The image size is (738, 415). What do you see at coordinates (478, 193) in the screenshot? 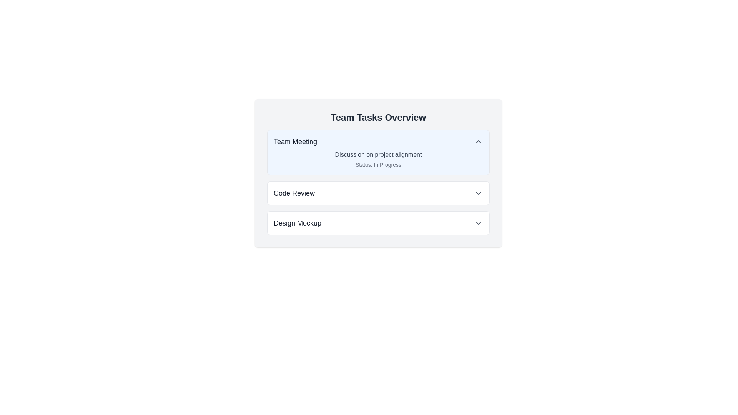
I see `the dropdown indicator icon for the 'Code Review' section` at bounding box center [478, 193].